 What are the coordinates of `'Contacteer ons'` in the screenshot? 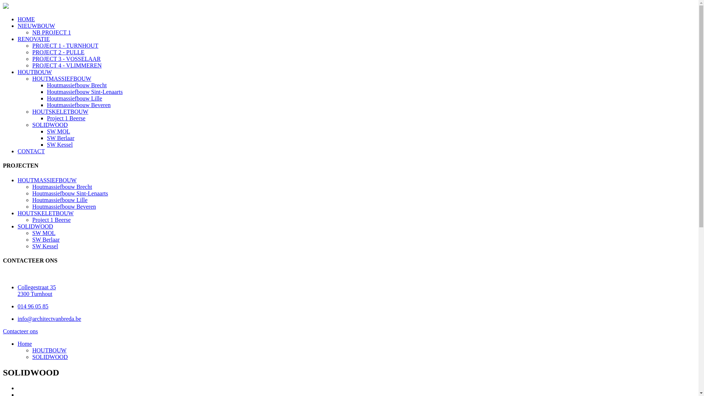 It's located at (3, 331).